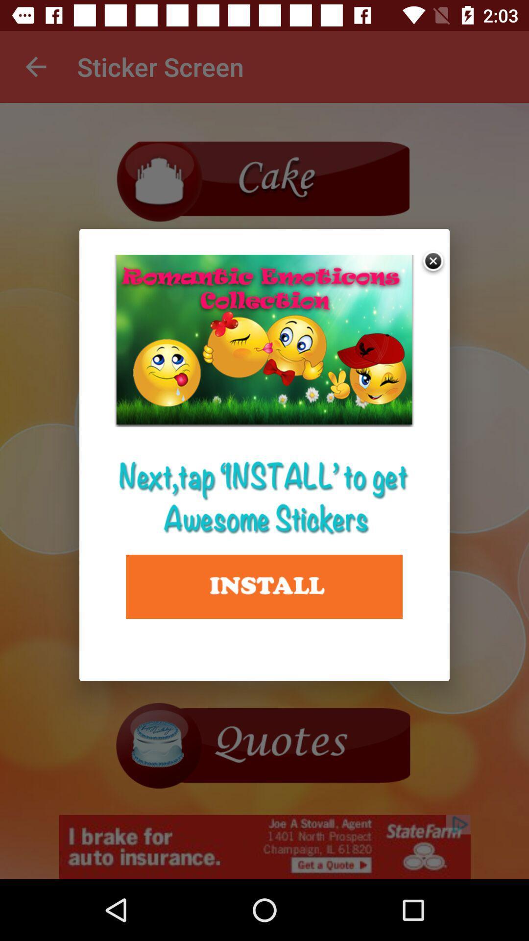 The width and height of the screenshot is (529, 941). Describe the element at coordinates (433, 262) in the screenshot. I see `window` at that location.